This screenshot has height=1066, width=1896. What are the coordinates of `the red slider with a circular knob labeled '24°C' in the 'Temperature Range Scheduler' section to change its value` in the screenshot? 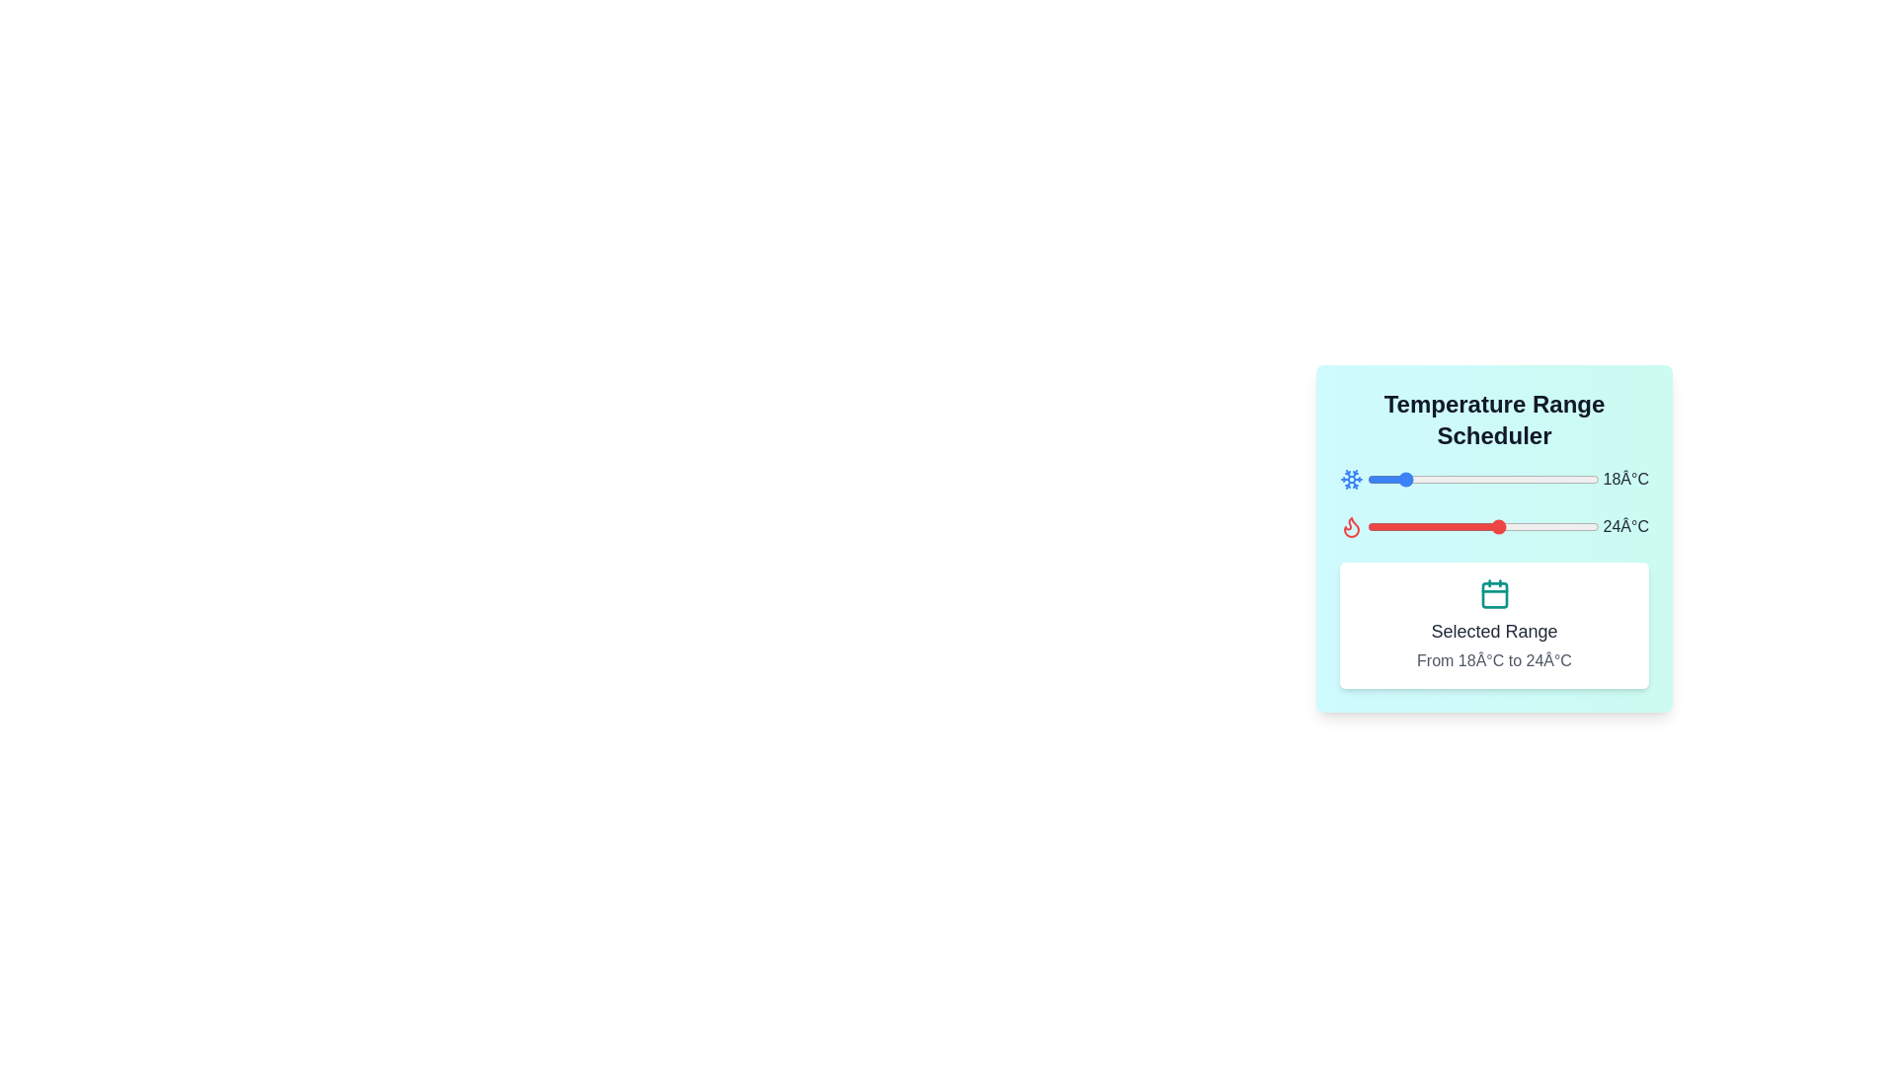 It's located at (1494, 525).